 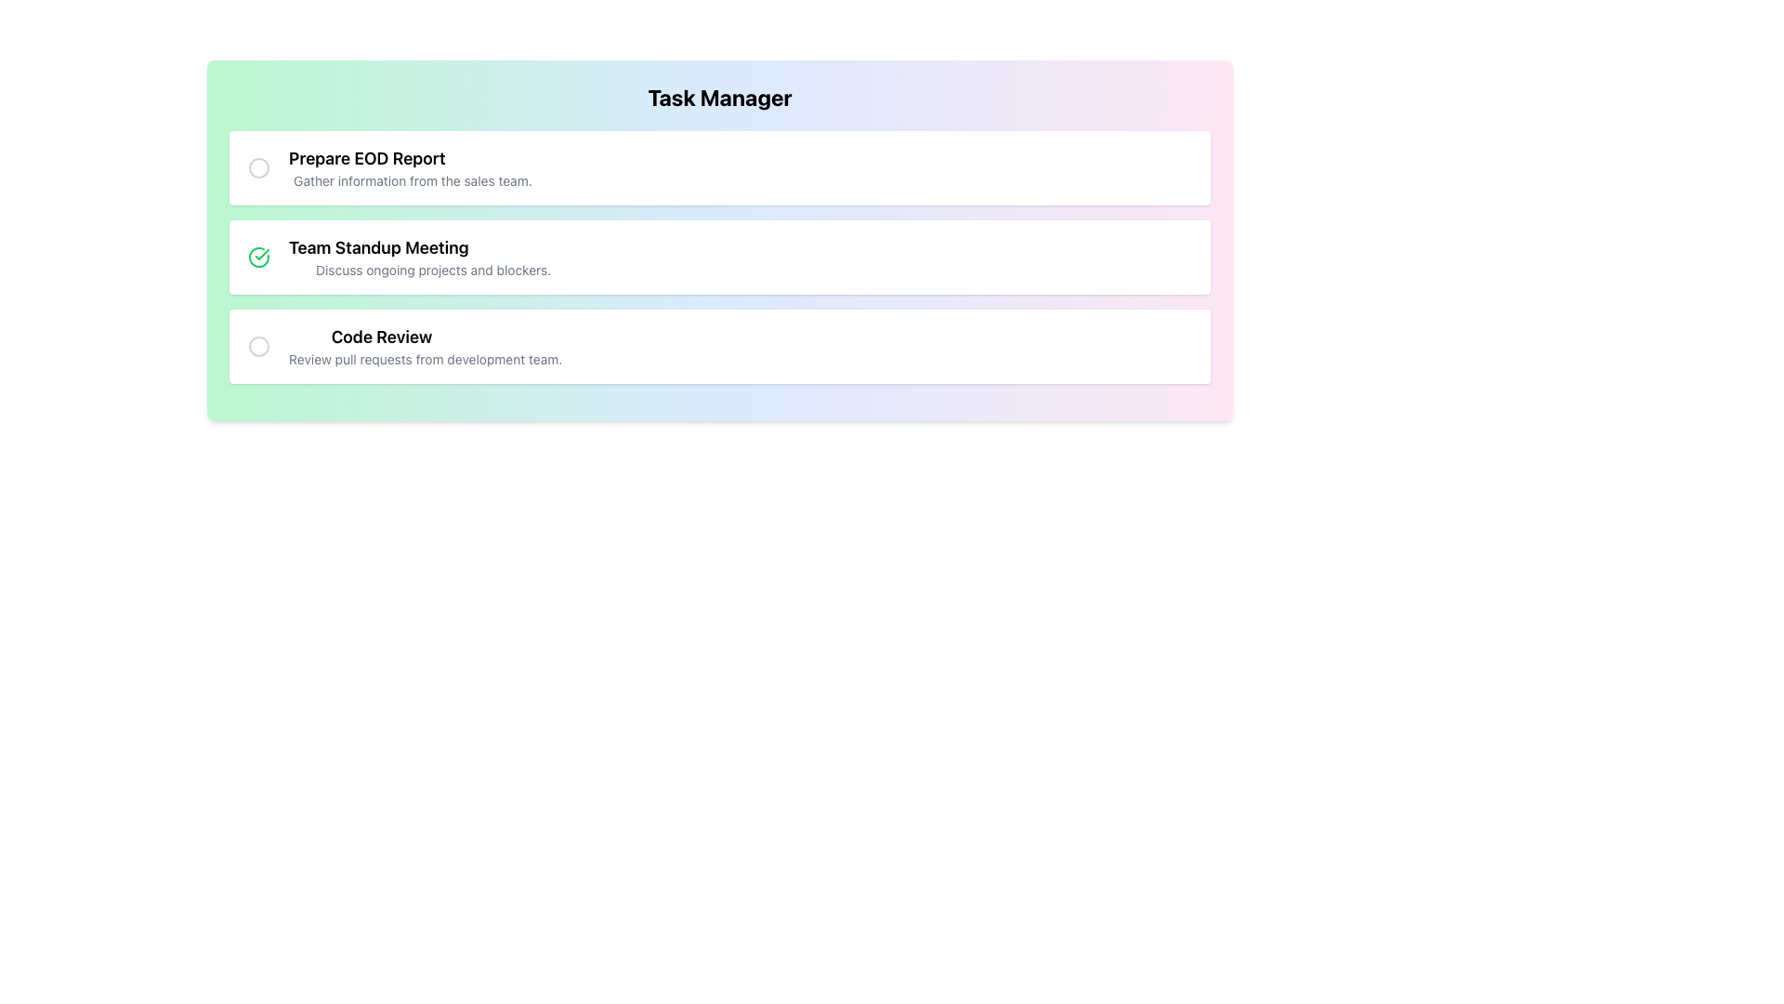 I want to click on to select or interact with the task titled 'Prepare EOD Report' which has a 'High Priority' red tag and is the first task in the task management interface, so click(x=389, y=168).